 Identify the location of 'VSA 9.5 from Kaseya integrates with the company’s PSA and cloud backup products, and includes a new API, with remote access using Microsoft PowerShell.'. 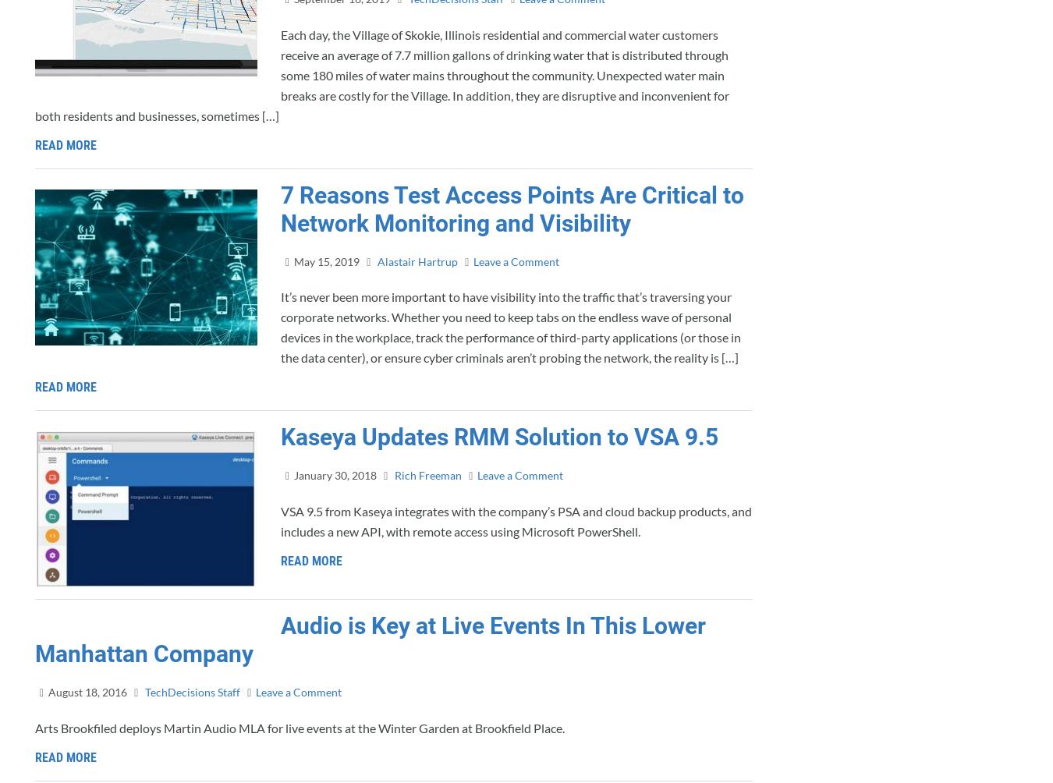
(281, 520).